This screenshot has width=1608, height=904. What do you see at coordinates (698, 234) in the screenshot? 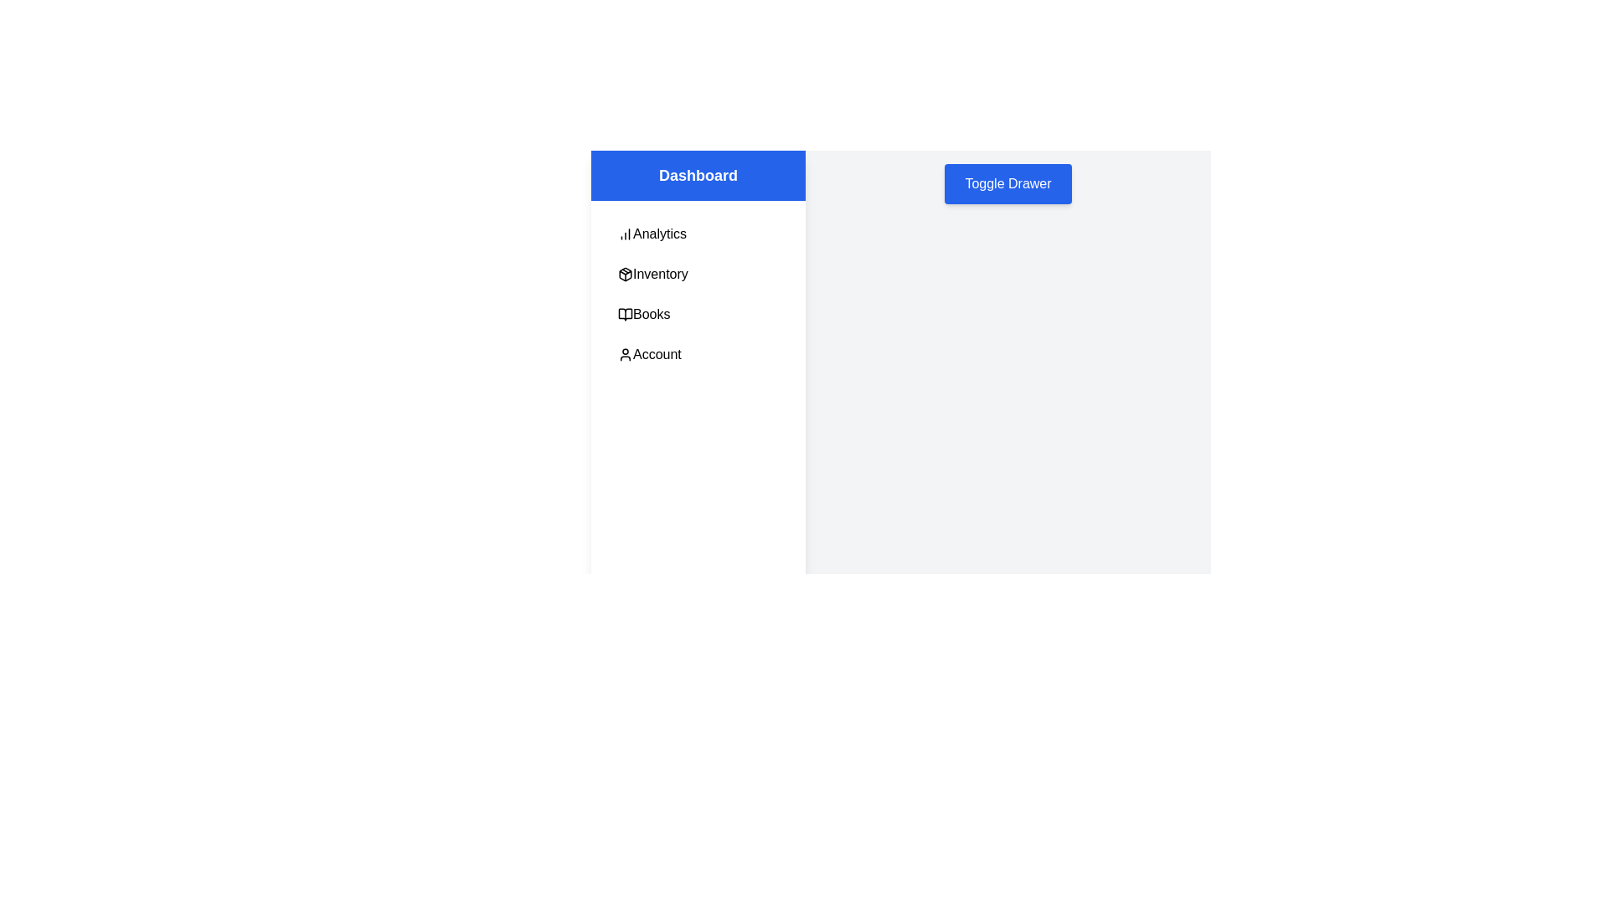
I see `the menu item Analytics to observe the hover effect` at bounding box center [698, 234].